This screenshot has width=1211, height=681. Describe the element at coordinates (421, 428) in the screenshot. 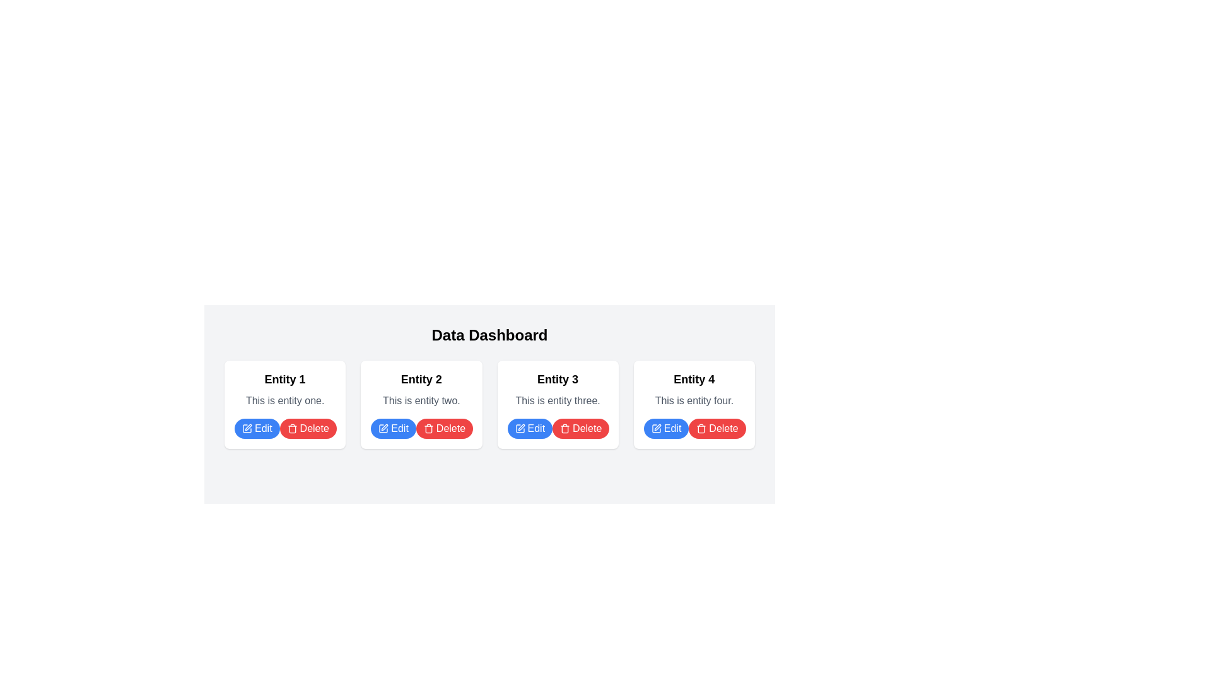

I see `the 'Edit' and 'Delete' buttons in the button group located at the bottom right of 'Entity 2' card for additional interaction feedback` at that location.